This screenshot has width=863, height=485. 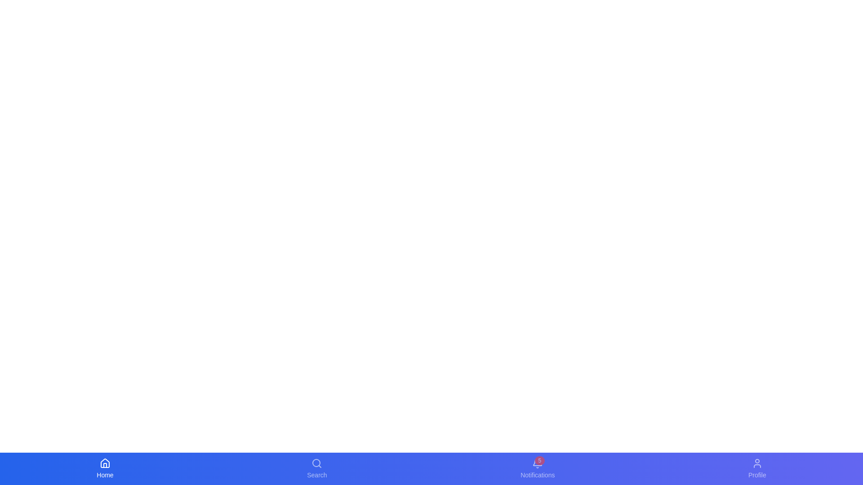 What do you see at coordinates (317, 468) in the screenshot?
I see `the Search tab in the bottom navigation` at bounding box center [317, 468].